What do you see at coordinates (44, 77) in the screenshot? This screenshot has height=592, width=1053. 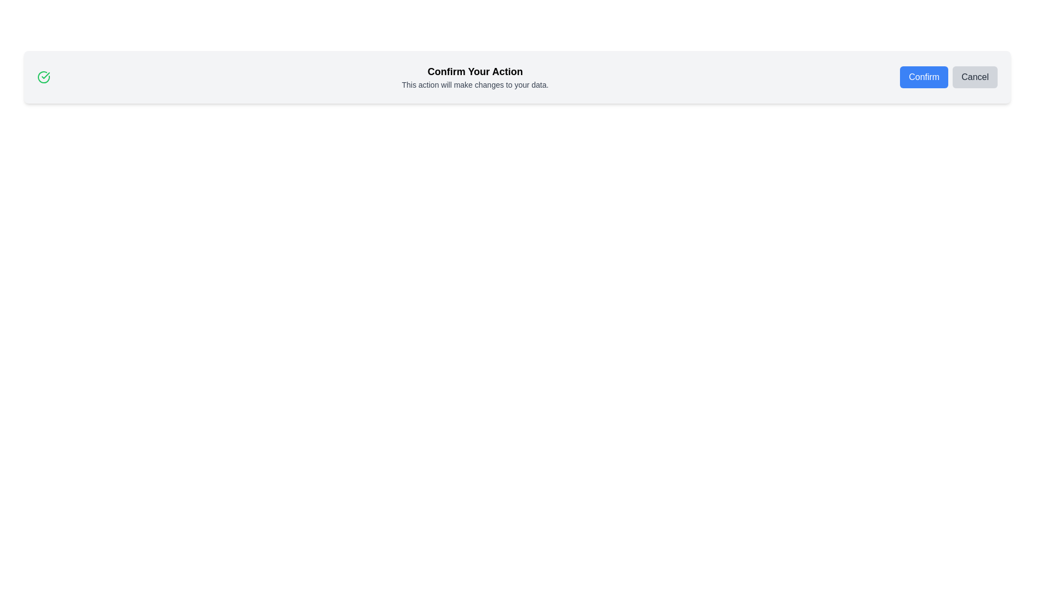 I see `the icon located on the left side of the confirmation message titled 'Confirm Your Action', which serves as a visual indicator of a successful or completed action` at bounding box center [44, 77].